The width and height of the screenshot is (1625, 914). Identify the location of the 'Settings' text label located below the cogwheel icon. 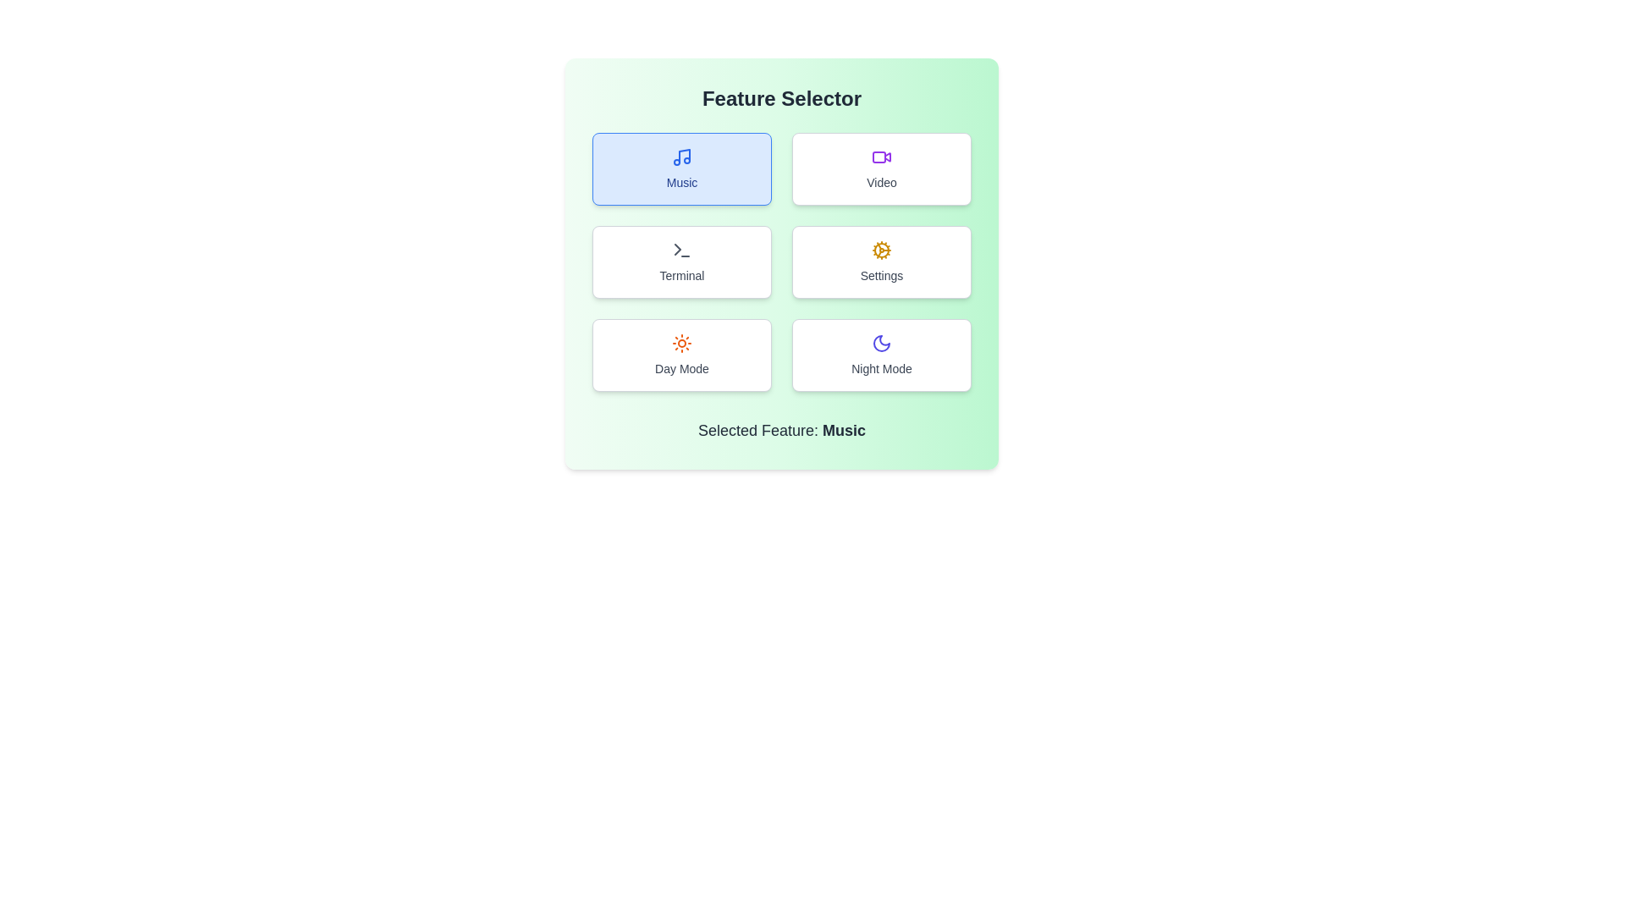
(880, 275).